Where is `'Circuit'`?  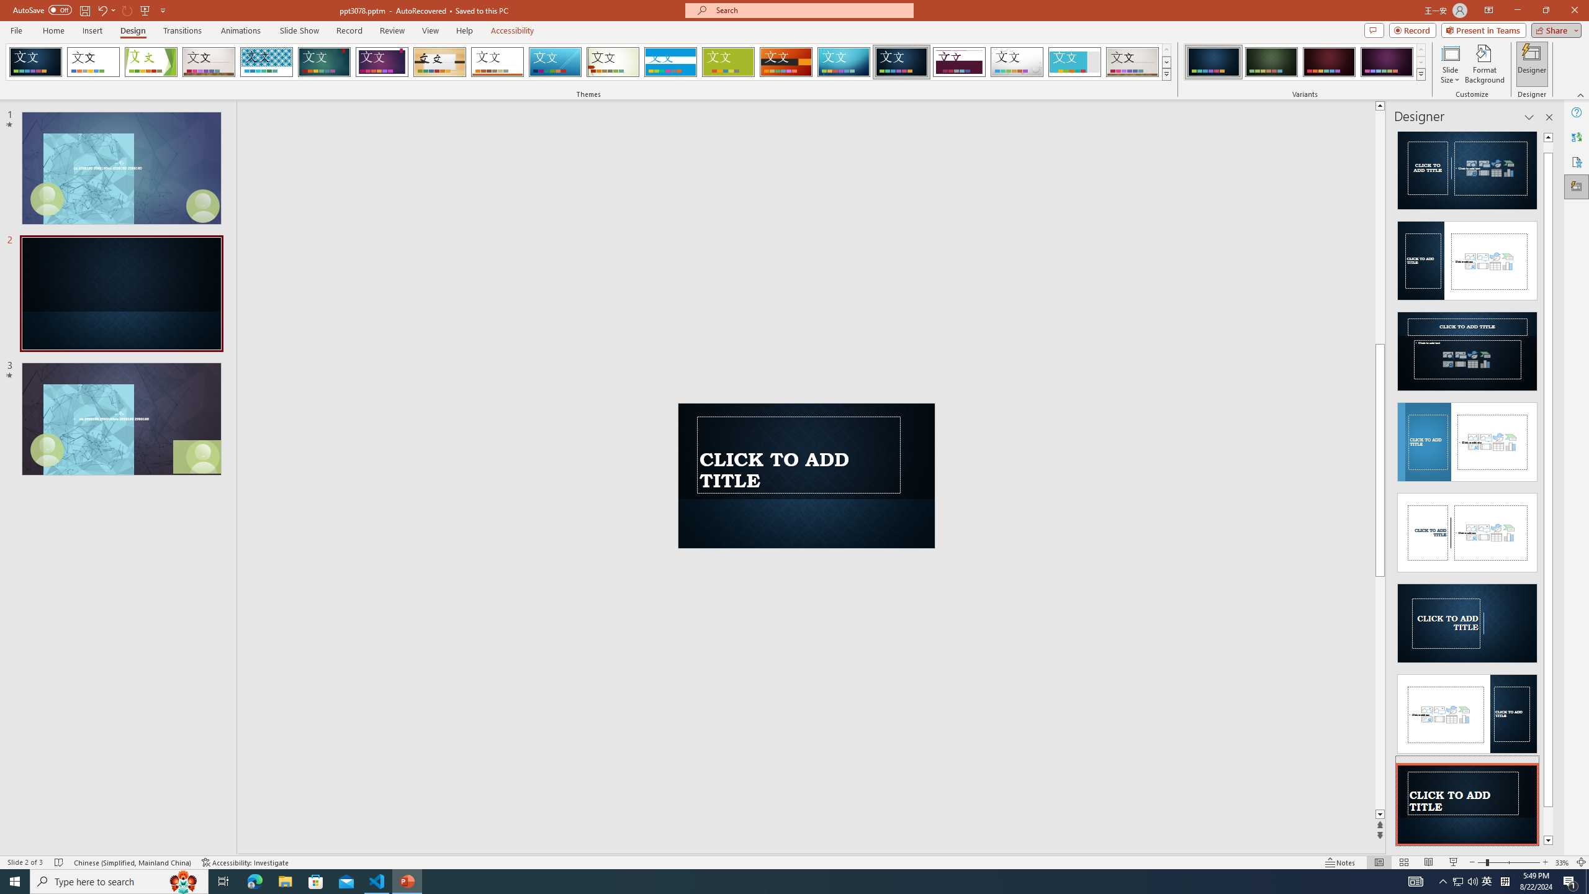
'Circuit' is located at coordinates (843, 61).